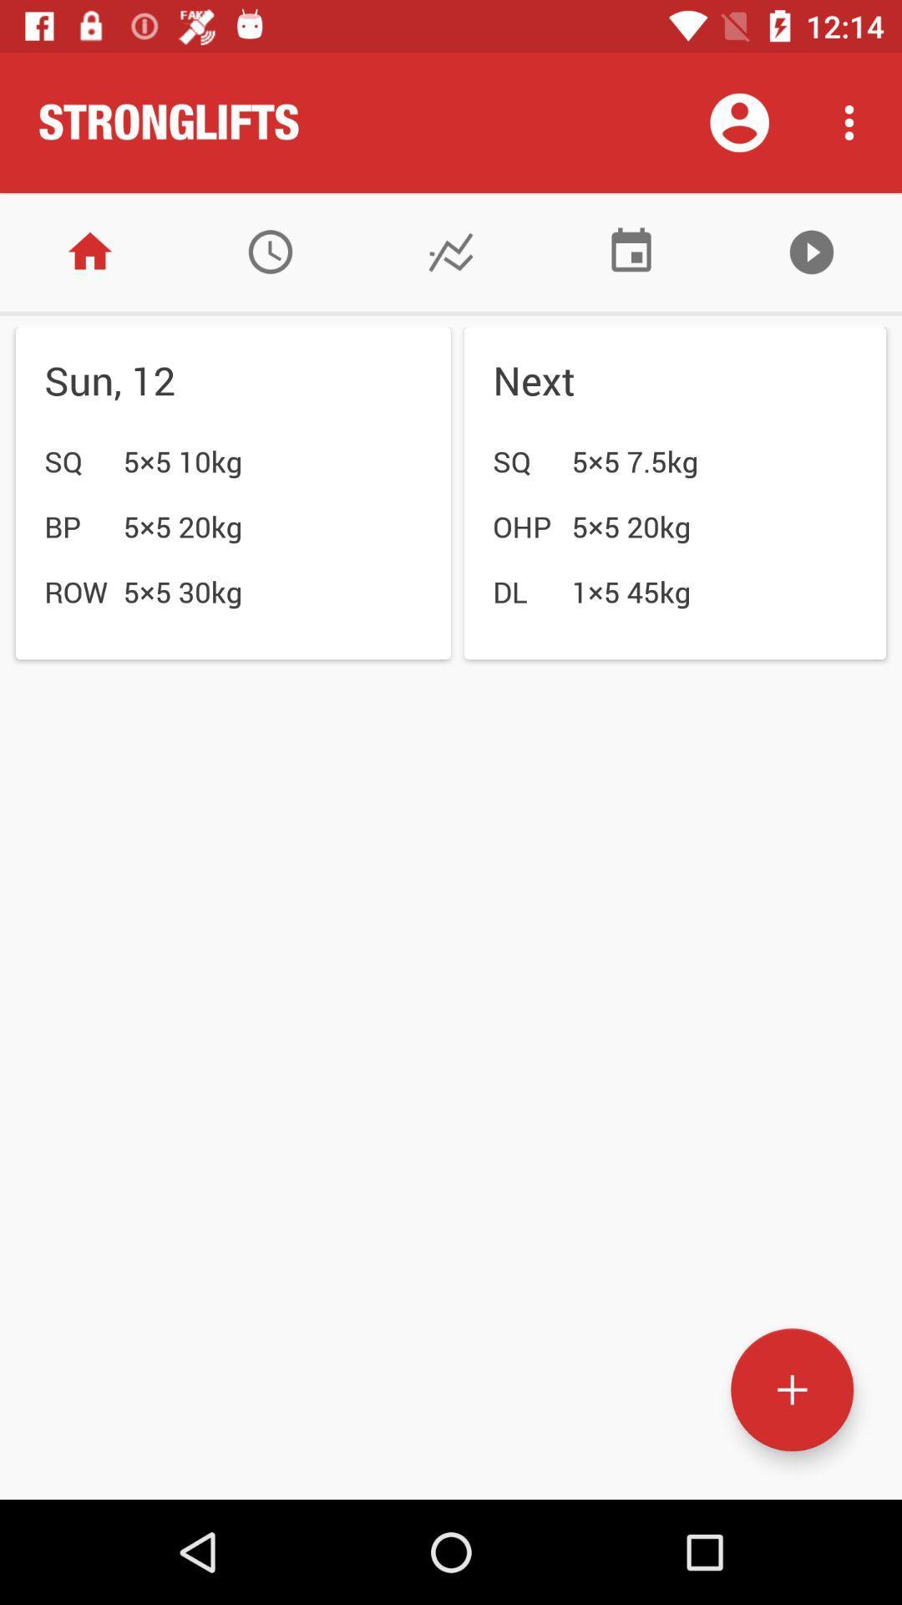 The image size is (902, 1605). Describe the element at coordinates (631, 251) in the screenshot. I see `switch to calender` at that location.